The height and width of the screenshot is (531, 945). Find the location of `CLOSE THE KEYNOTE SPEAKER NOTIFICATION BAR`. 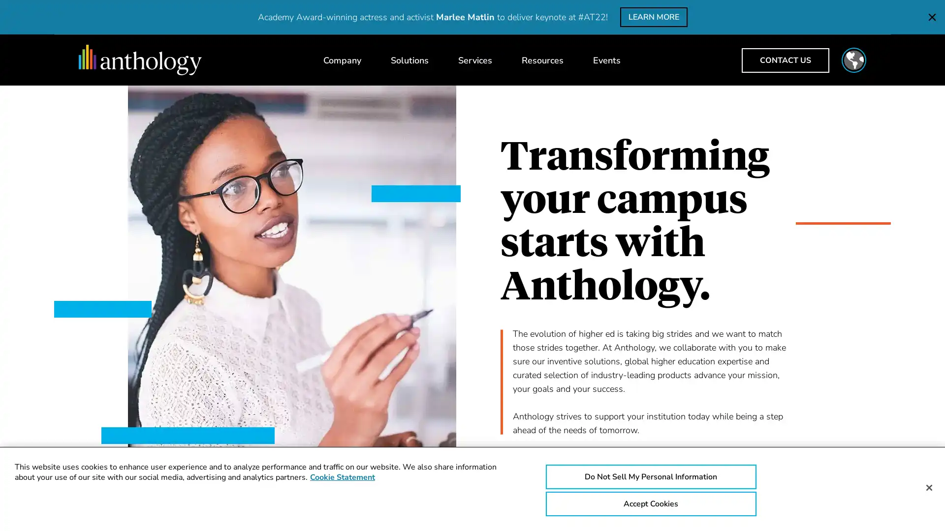

CLOSE THE KEYNOTE SPEAKER NOTIFICATION BAR is located at coordinates (932, 17).